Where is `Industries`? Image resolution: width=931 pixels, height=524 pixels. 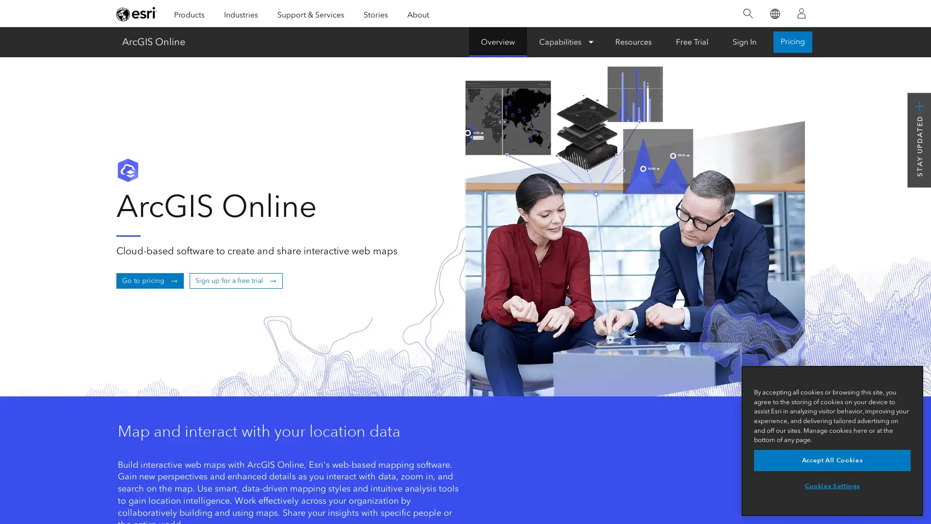
Industries is located at coordinates (241, 13).